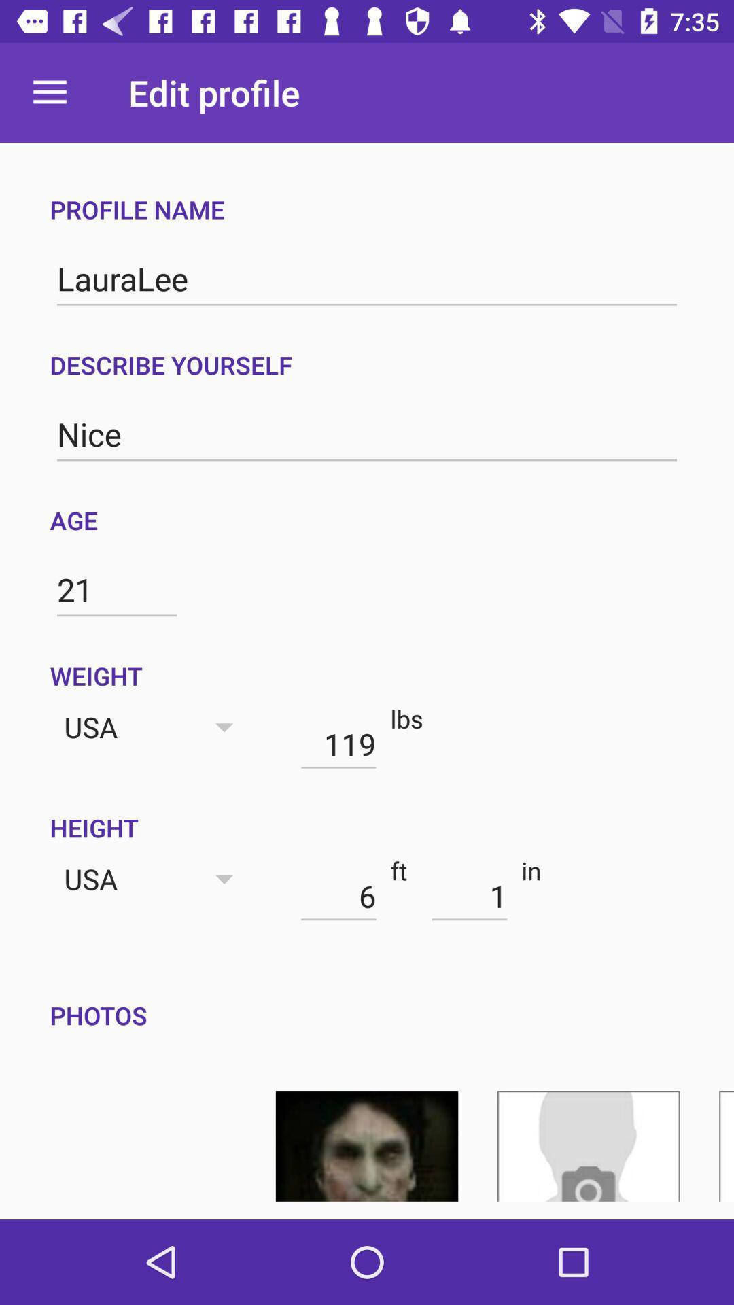  What do you see at coordinates (338, 743) in the screenshot?
I see `the icon below weight item` at bounding box center [338, 743].